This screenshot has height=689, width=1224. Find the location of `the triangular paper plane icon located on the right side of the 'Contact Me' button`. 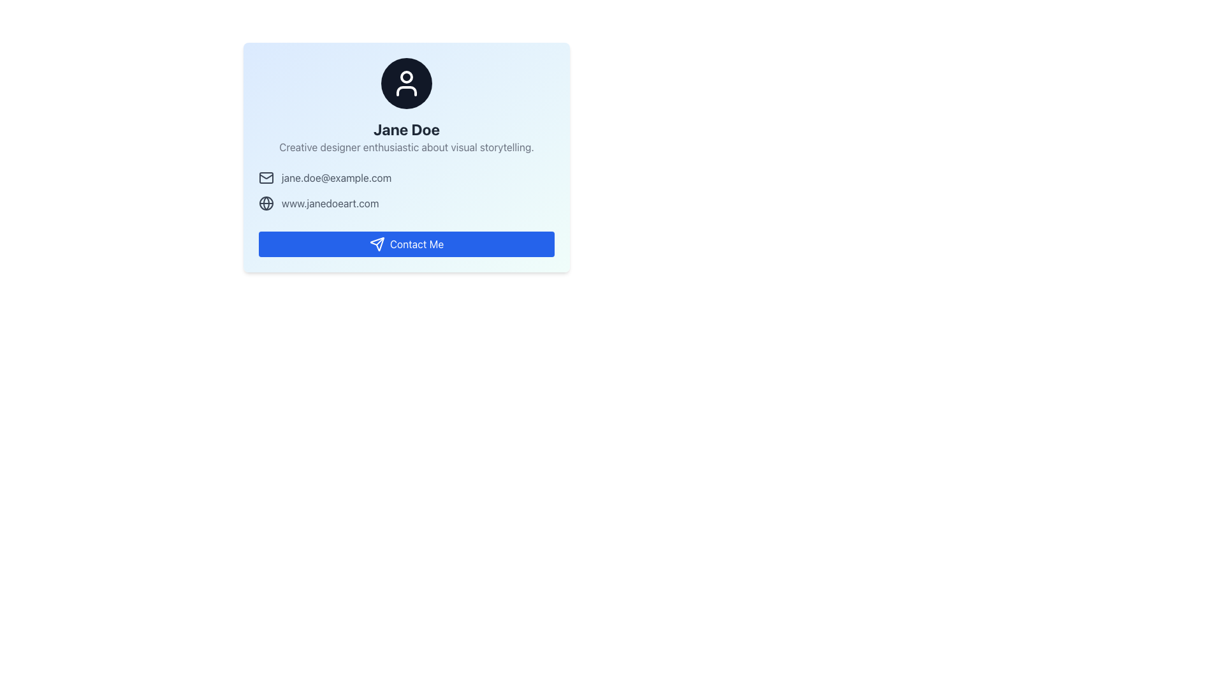

the triangular paper plane icon located on the right side of the 'Contact Me' button is located at coordinates (376, 244).